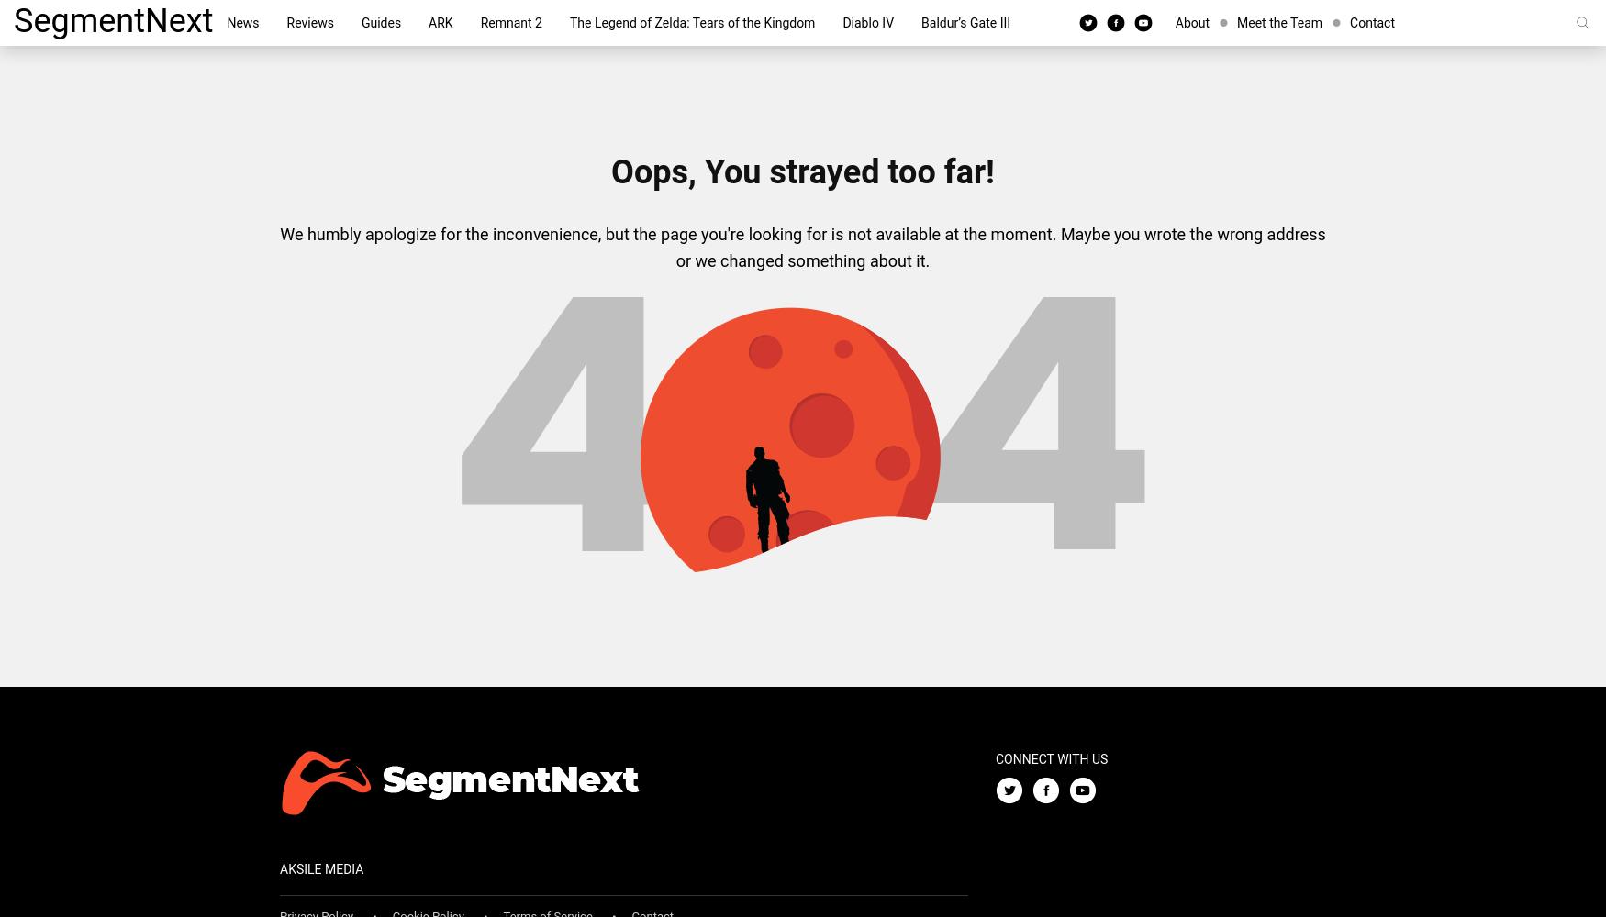 This screenshot has width=1606, height=917. What do you see at coordinates (13, 21) in the screenshot?
I see `'SegmentNext'` at bounding box center [13, 21].